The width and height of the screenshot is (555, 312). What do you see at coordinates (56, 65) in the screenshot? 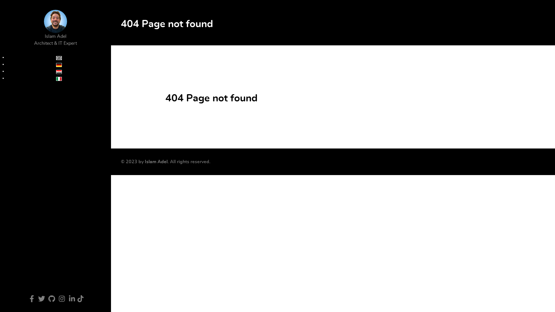
I see `'Deutsch'` at bounding box center [56, 65].